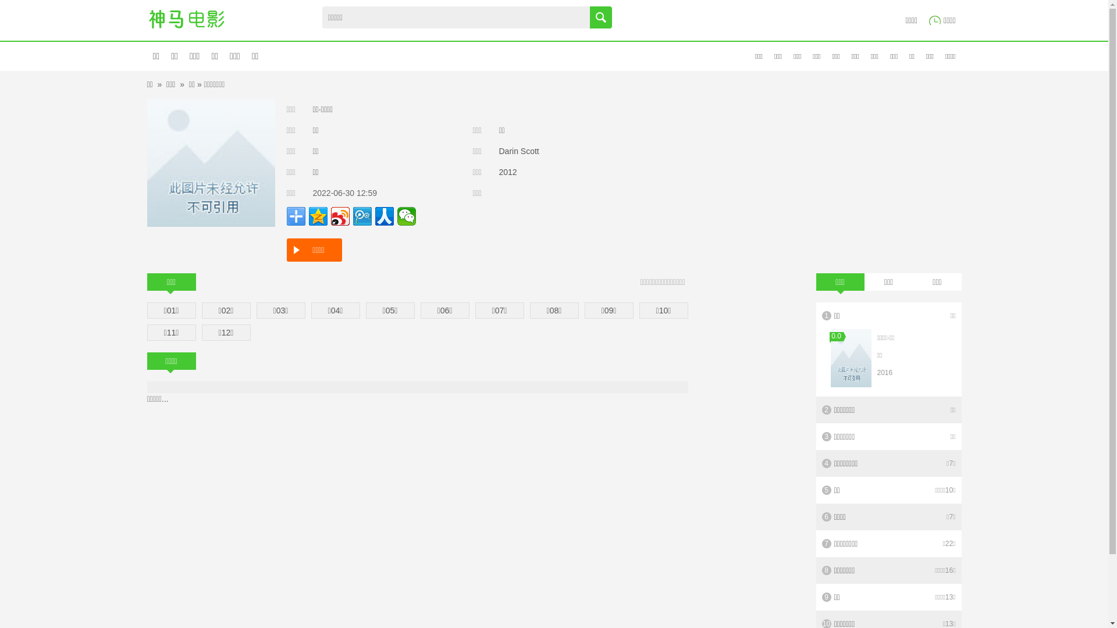 Image resolution: width=1117 pixels, height=628 pixels. I want to click on '2012', so click(508, 172).